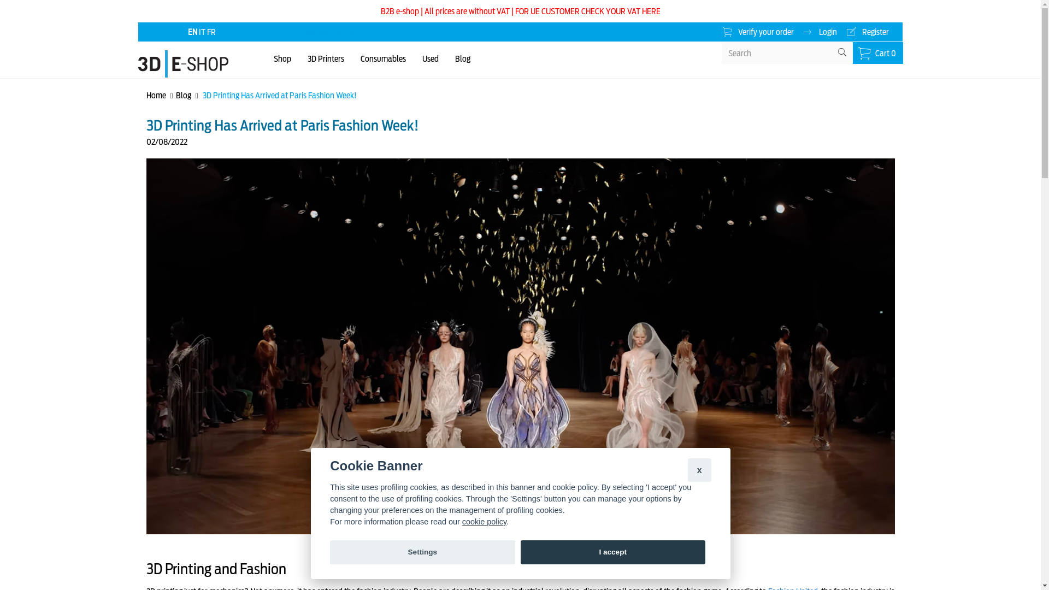 This screenshot has height=590, width=1049. What do you see at coordinates (686, 469) in the screenshot?
I see `'x'` at bounding box center [686, 469].